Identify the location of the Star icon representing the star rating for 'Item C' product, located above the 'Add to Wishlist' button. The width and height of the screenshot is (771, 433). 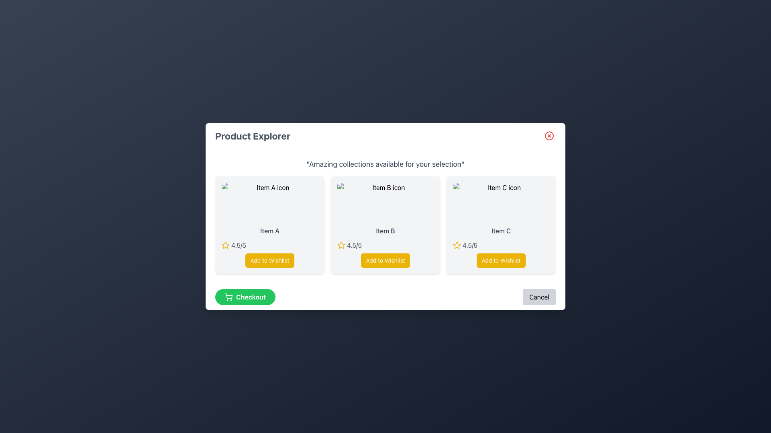
(457, 245).